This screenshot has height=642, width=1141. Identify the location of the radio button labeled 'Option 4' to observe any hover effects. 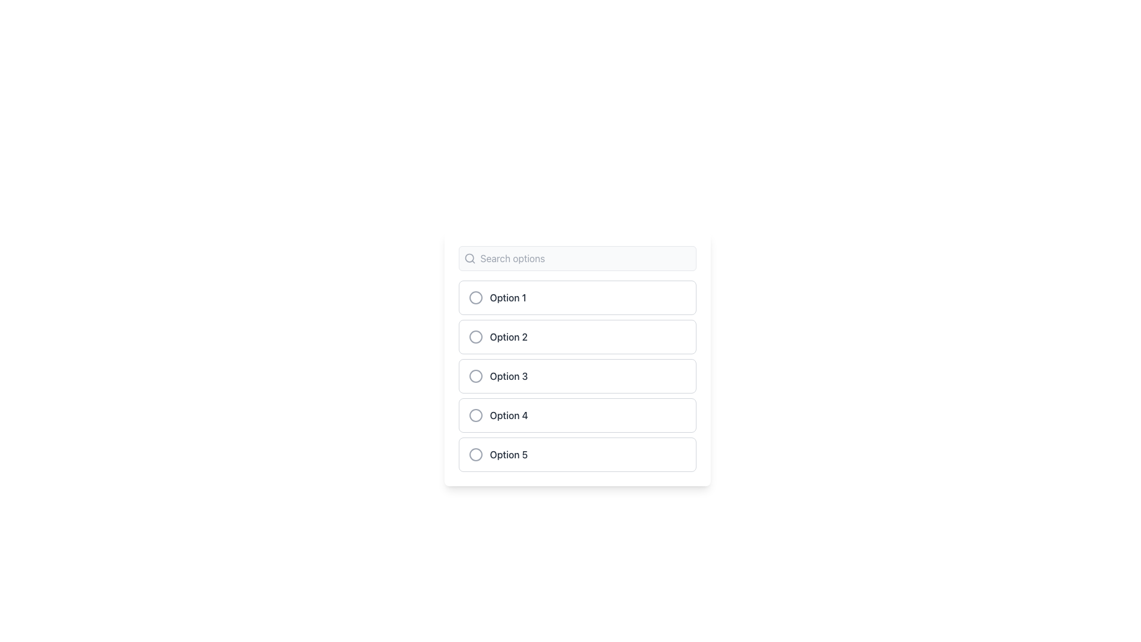
(577, 414).